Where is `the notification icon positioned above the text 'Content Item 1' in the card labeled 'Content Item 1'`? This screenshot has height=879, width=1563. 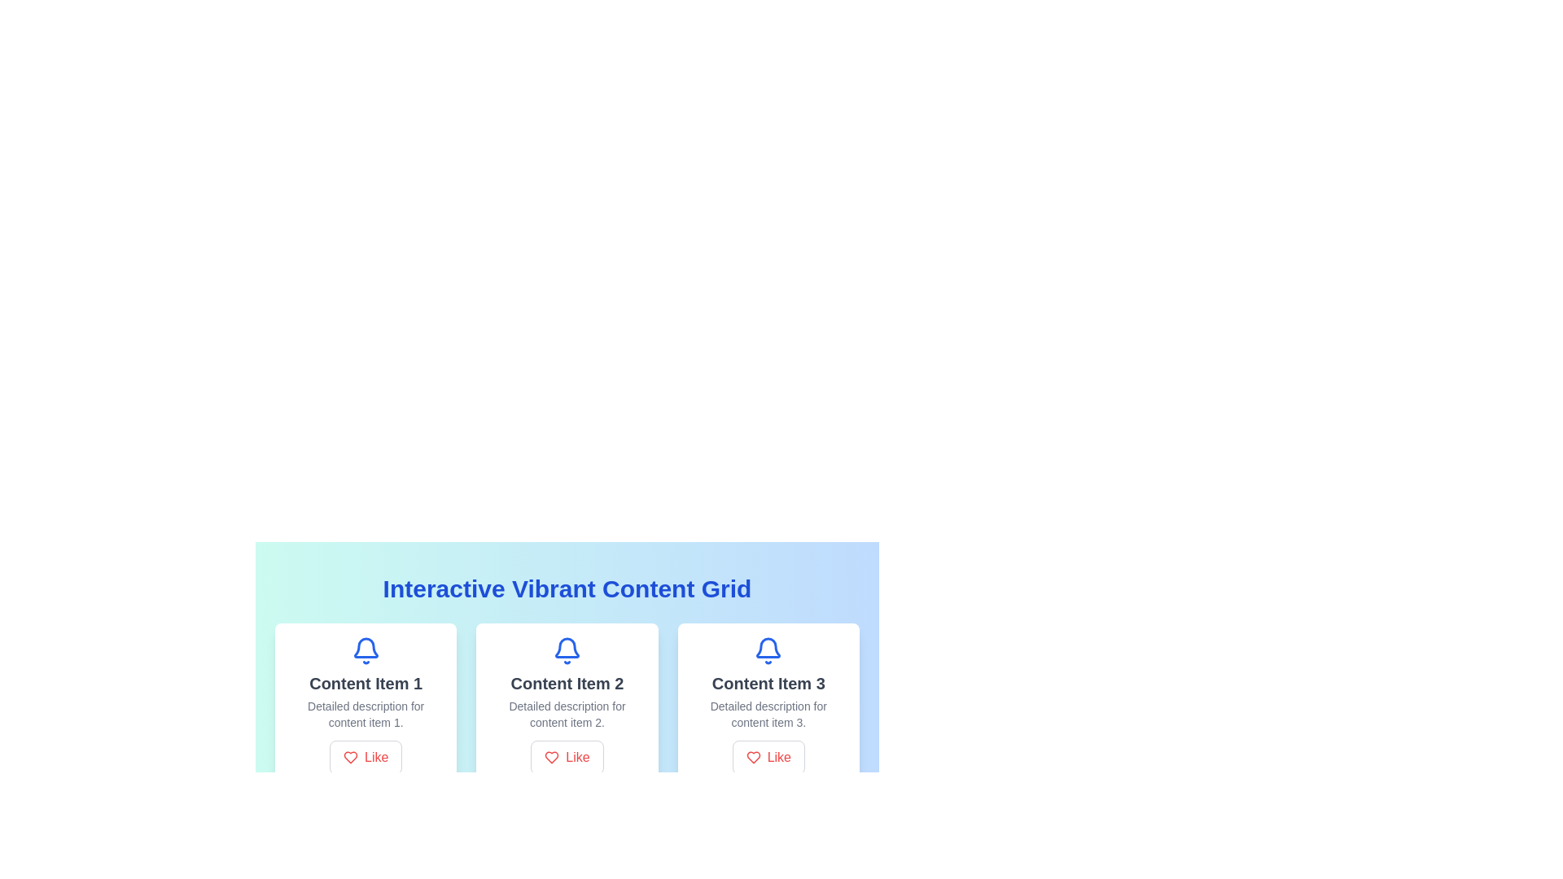
the notification icon positioned above the text 'Content Item 1' in the card labeled 'Content Item 1' is located at coordinates (365, 649).